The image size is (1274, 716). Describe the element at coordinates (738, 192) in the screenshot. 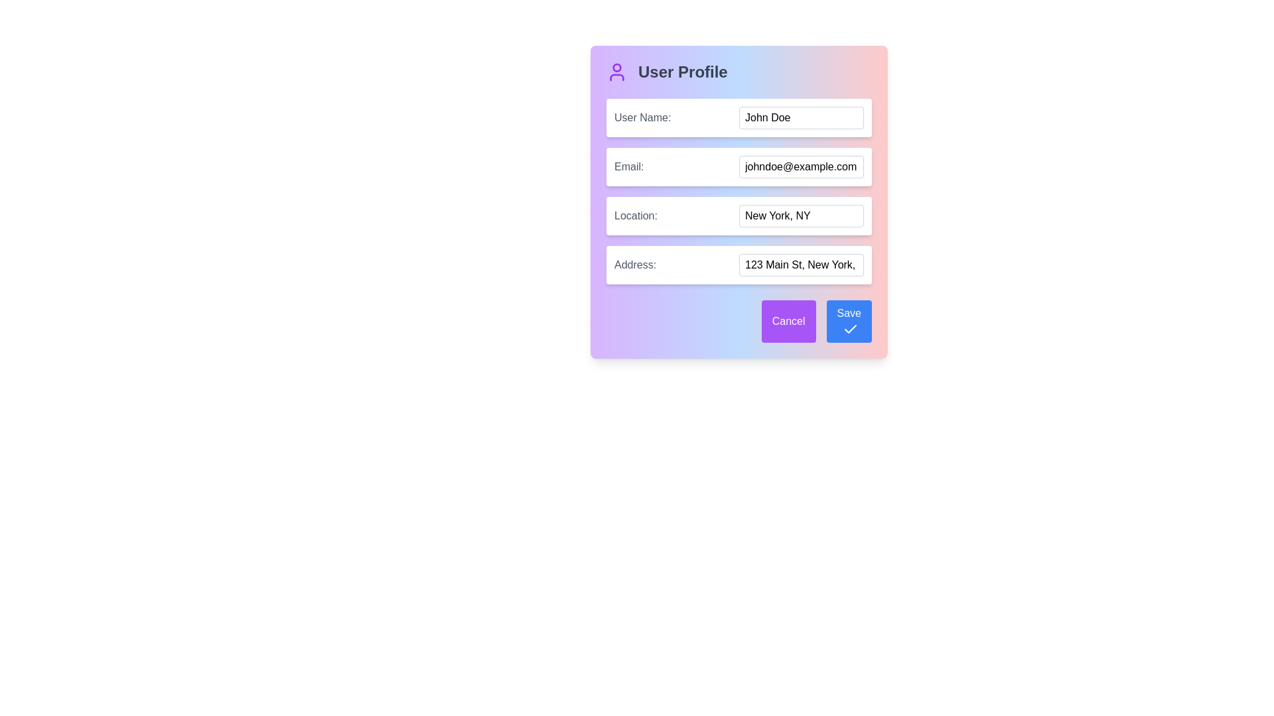

I see `within the input fields of the Form Section` at that location.